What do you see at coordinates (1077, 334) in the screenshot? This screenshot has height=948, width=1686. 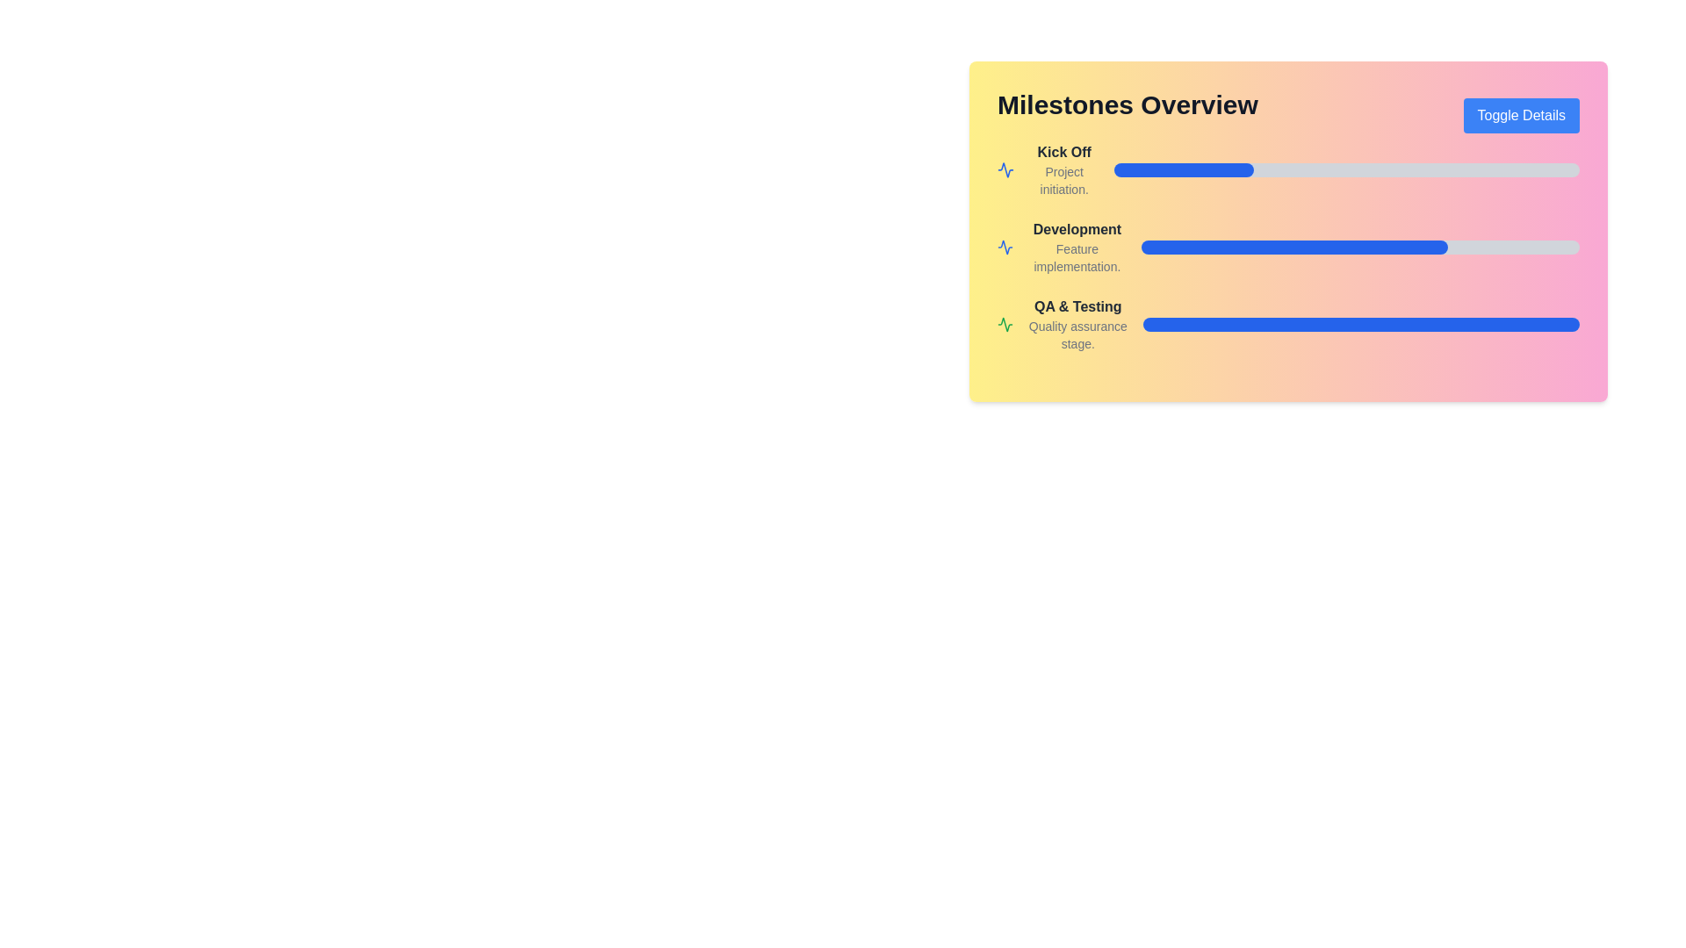 I see `text label displaying 'Quality assurance stage.' located beneath the heading 'QA & Testing' in the Milestones Overview section` at bounding box center [1077, 334].